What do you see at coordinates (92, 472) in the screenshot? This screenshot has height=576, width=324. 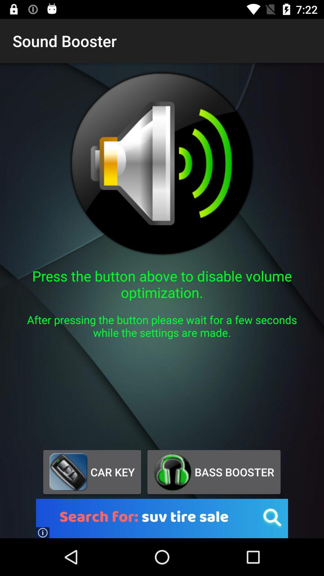 I see `the icon to the left of the bass booster` at bounding box center [92, 472].